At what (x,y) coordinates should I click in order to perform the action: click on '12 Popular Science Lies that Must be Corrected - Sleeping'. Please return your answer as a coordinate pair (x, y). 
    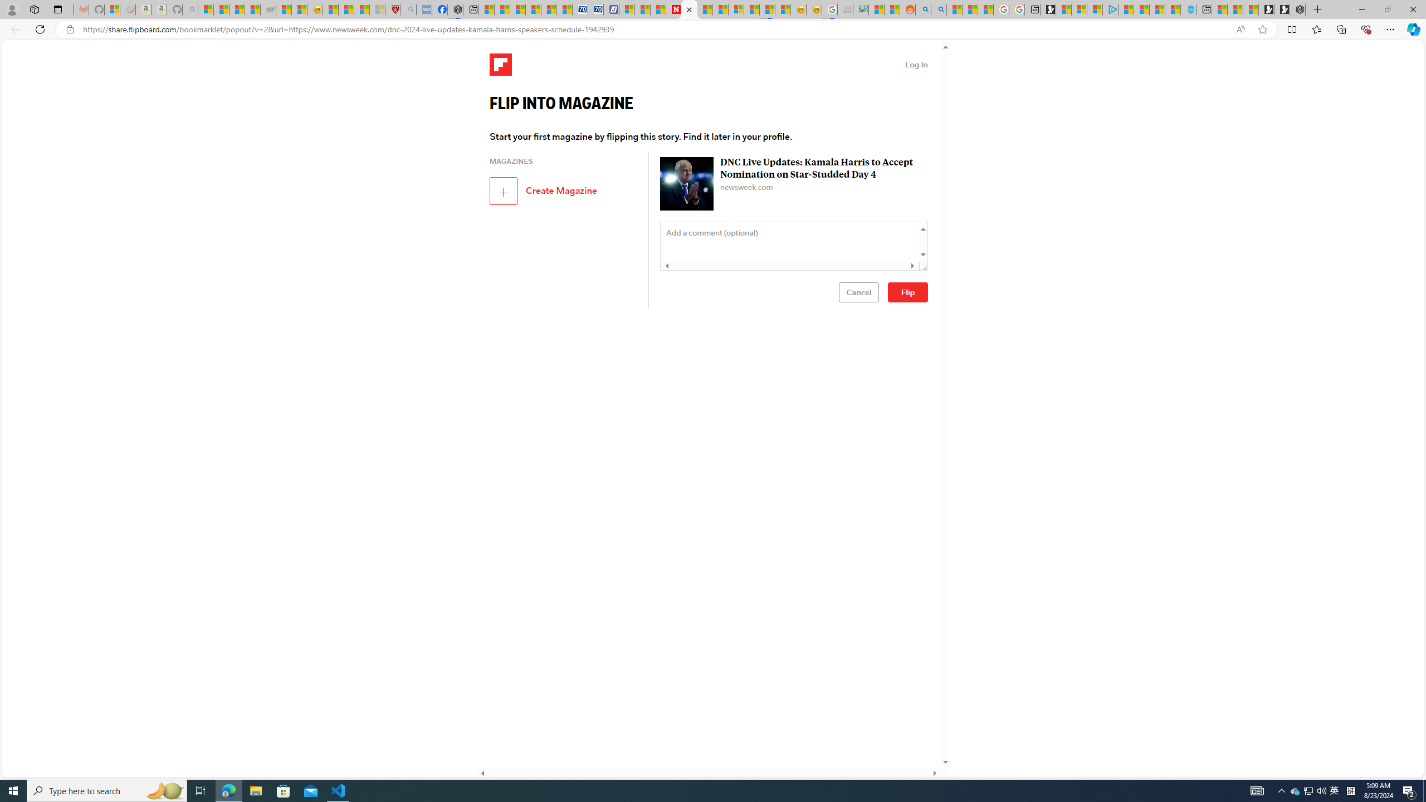
    Looking at the image, I should click on (377, 9).